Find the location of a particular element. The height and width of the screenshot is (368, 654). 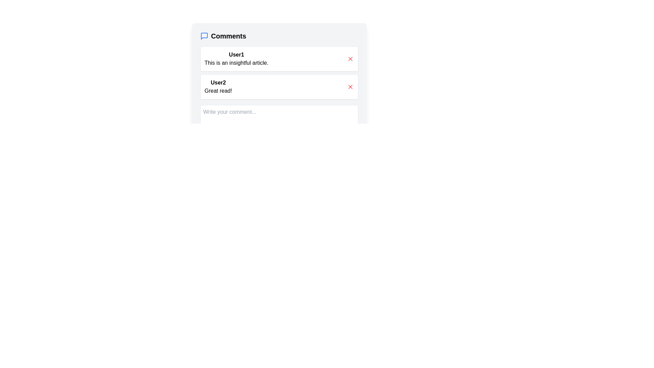

the small red 'X' icon located to the far right of User1's comment in the comment section is located at coordinates (350, 59).